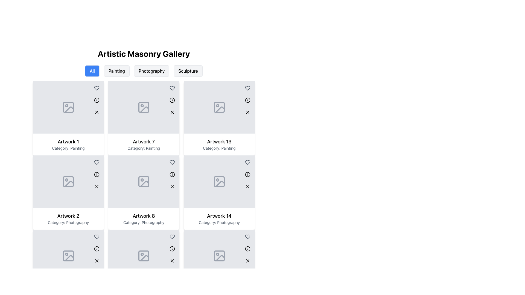 This screenshot has height=295, width=525. What do you see at coordinates (144, 144) in the screenshot?
I see `the Text Block that provides information about an artwork, specifically its title and category, located in the second column of the second row of the grid layout` at bounding box center [144, 144].